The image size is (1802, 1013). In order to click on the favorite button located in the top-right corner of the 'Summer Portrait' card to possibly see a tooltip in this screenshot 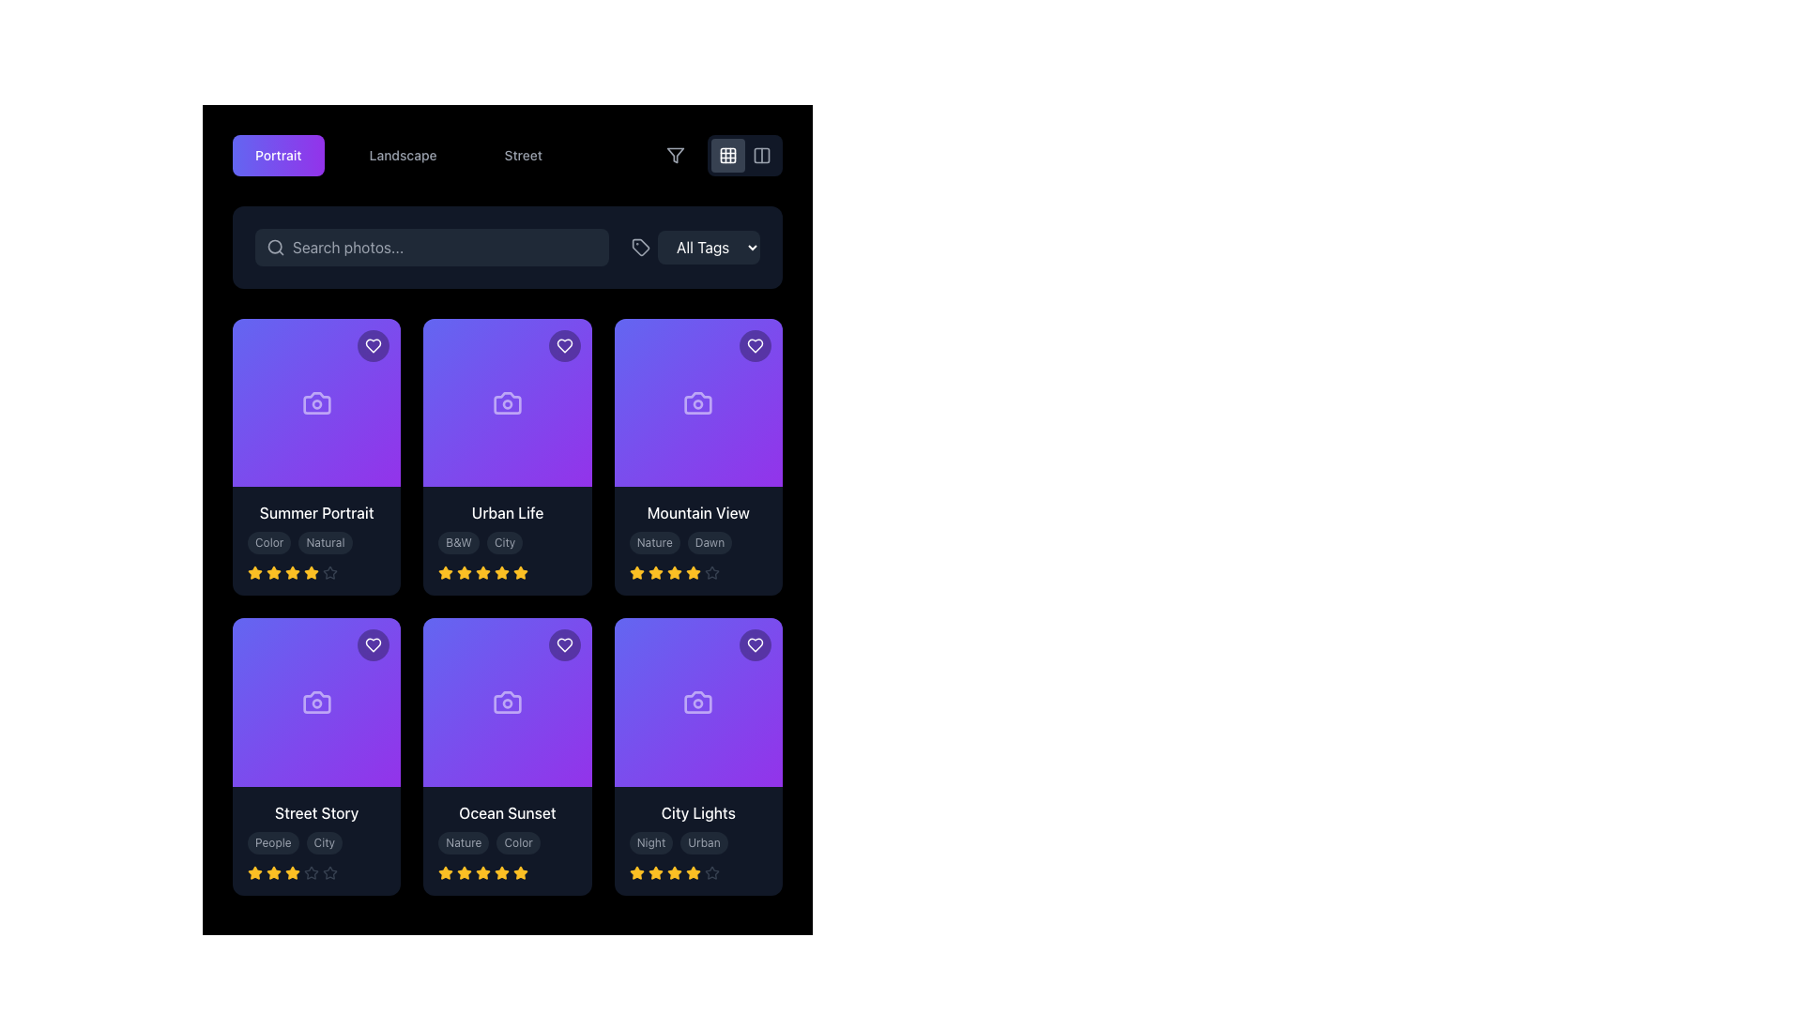, I will do `click(374, 346)`.